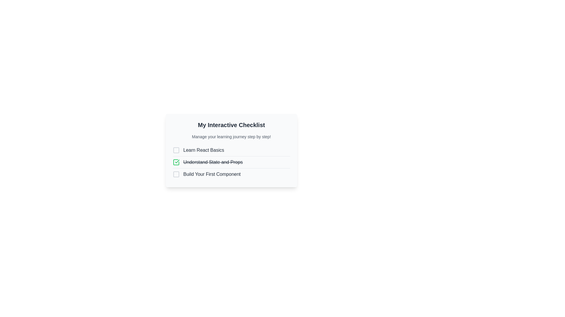 The image size is (565, 317). I want to click on the appearance of the Checkmark icon, which is a green square with a checkmark inside, located to the left of the text 'Understand State and Props' in the 'My Interactive Checklist', so click(176, 162).